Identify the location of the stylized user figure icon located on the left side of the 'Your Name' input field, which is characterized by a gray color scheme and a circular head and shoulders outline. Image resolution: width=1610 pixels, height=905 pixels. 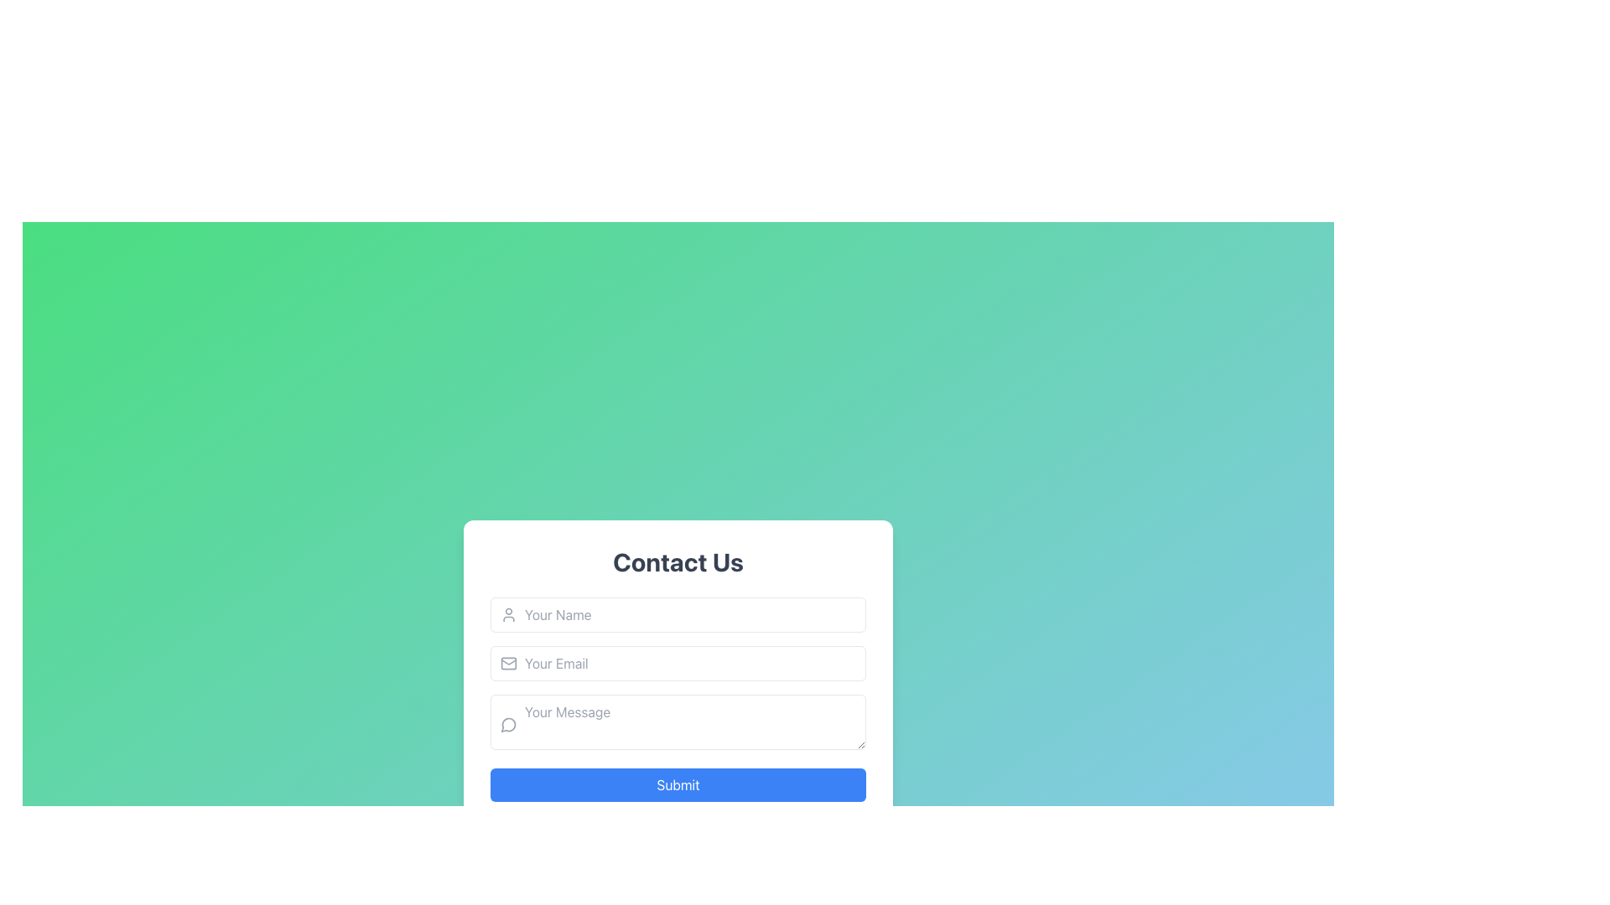
(507, 614).